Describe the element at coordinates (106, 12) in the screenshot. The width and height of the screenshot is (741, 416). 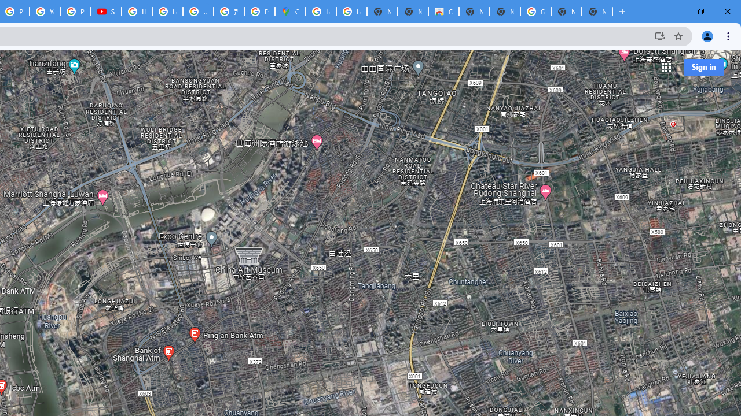
I see `'Subscriptions - YouTube'` at that location.